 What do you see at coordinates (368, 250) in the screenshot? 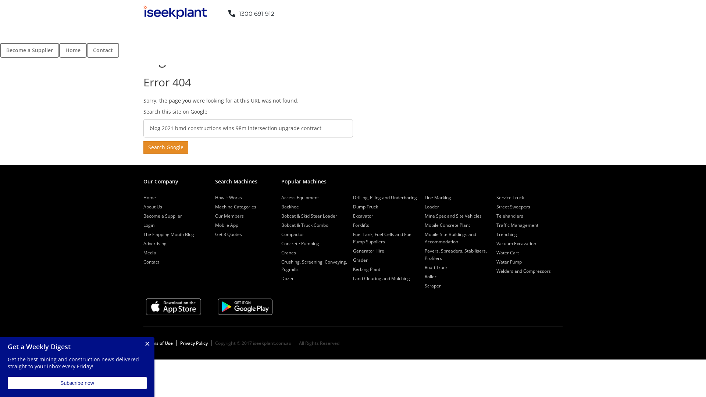
I see `'Generator Hire'` at bounding box center [368, 250].